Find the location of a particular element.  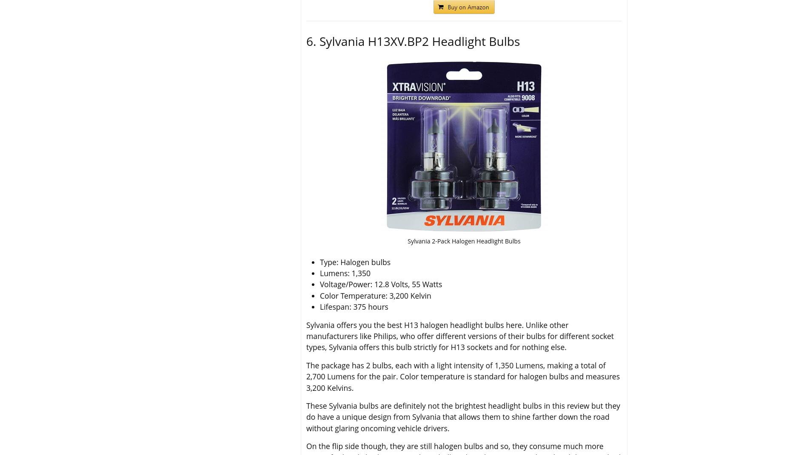

'Lifespan: 375 hours' is located at coordinates (320, 306).